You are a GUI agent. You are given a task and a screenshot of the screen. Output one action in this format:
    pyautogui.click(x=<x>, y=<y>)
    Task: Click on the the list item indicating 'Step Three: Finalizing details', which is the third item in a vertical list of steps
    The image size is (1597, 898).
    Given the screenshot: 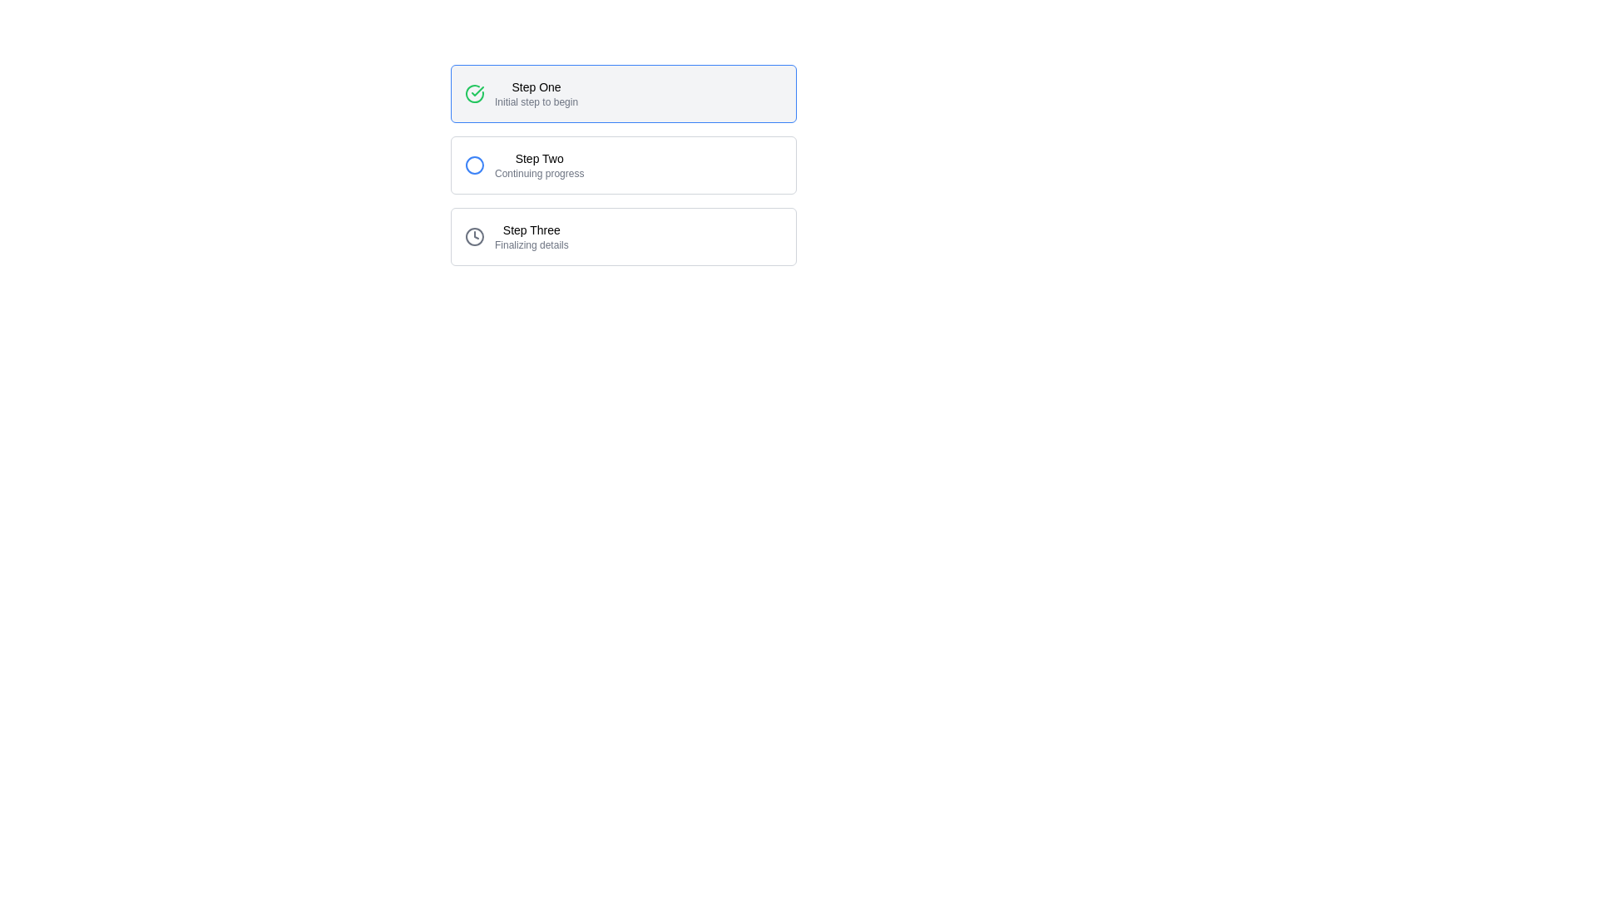 What is the action you would take?
    pyautogui.click(x=622, y=237)
    